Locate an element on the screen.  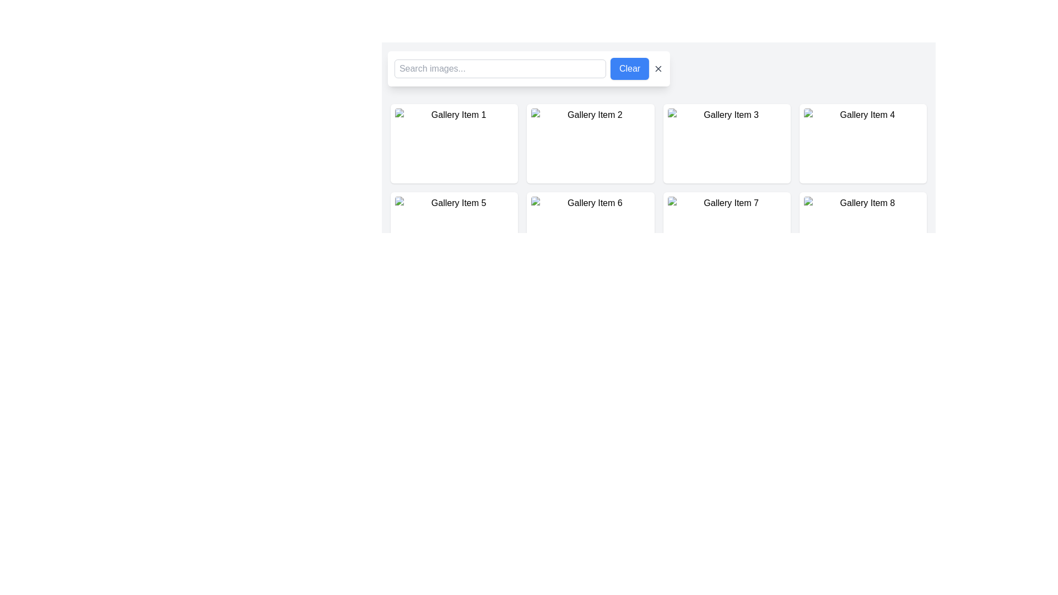
the clear button located to the right of the search input box, which resets the search field to its default empty state is located at coordinates (629, 68).